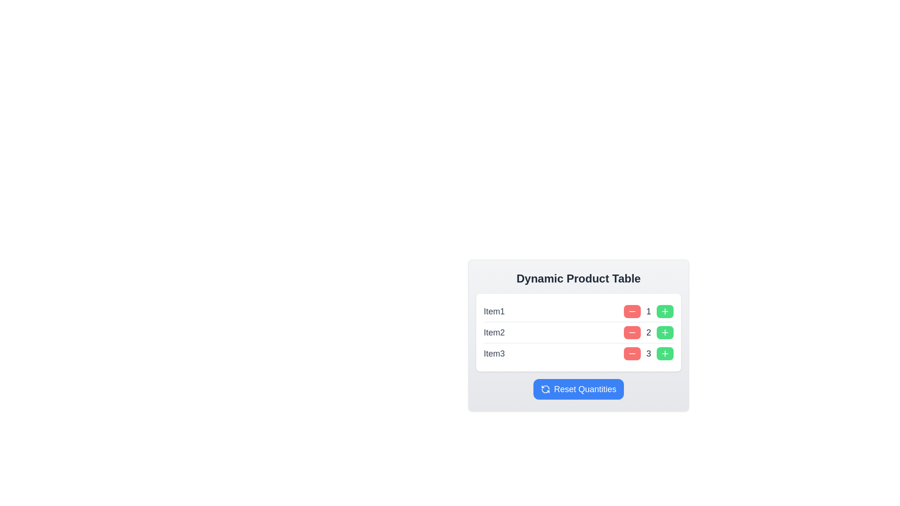  I want to click on the decrement button for the quantity in the third row of the product table, so click(632, 354).